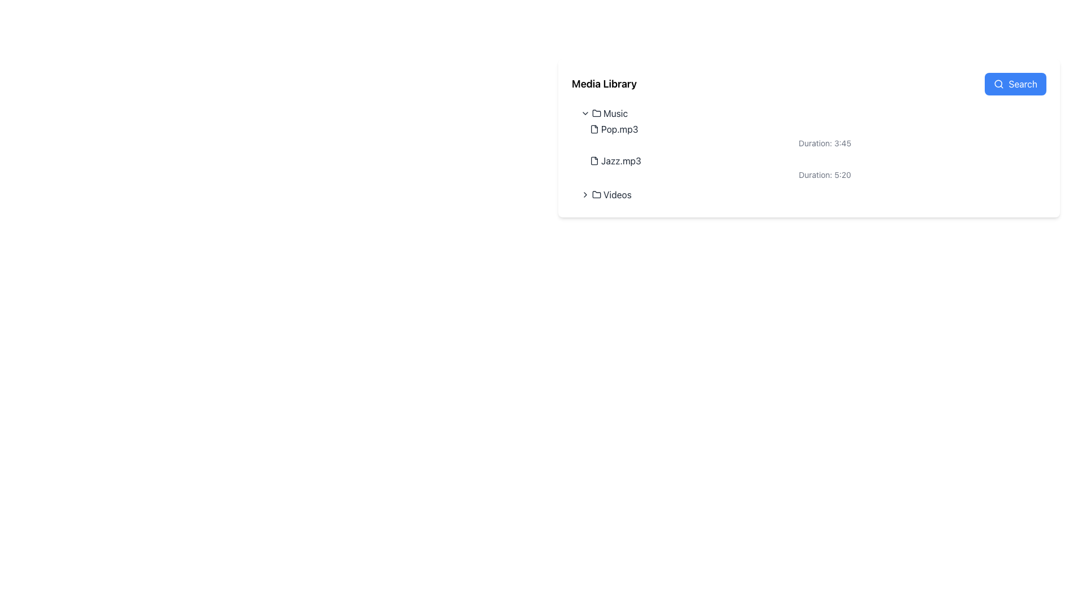 This screenshot has height=610, width=1086. I want to click on the file icon for 'Jazz.mp3', so click(594, 161).